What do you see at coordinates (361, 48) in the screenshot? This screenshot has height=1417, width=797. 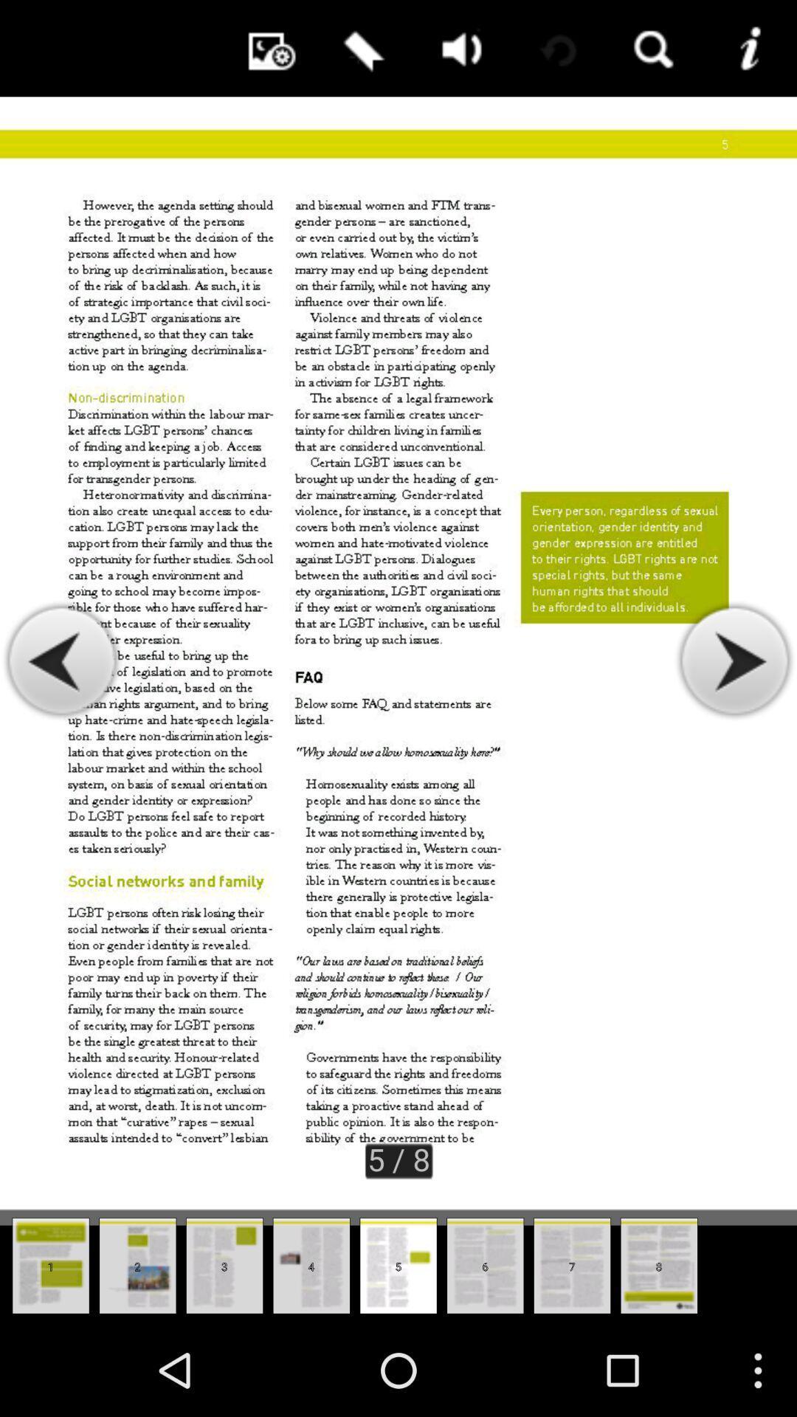 I see `item above 5 / 8 app` at bounding box center [361, 48].